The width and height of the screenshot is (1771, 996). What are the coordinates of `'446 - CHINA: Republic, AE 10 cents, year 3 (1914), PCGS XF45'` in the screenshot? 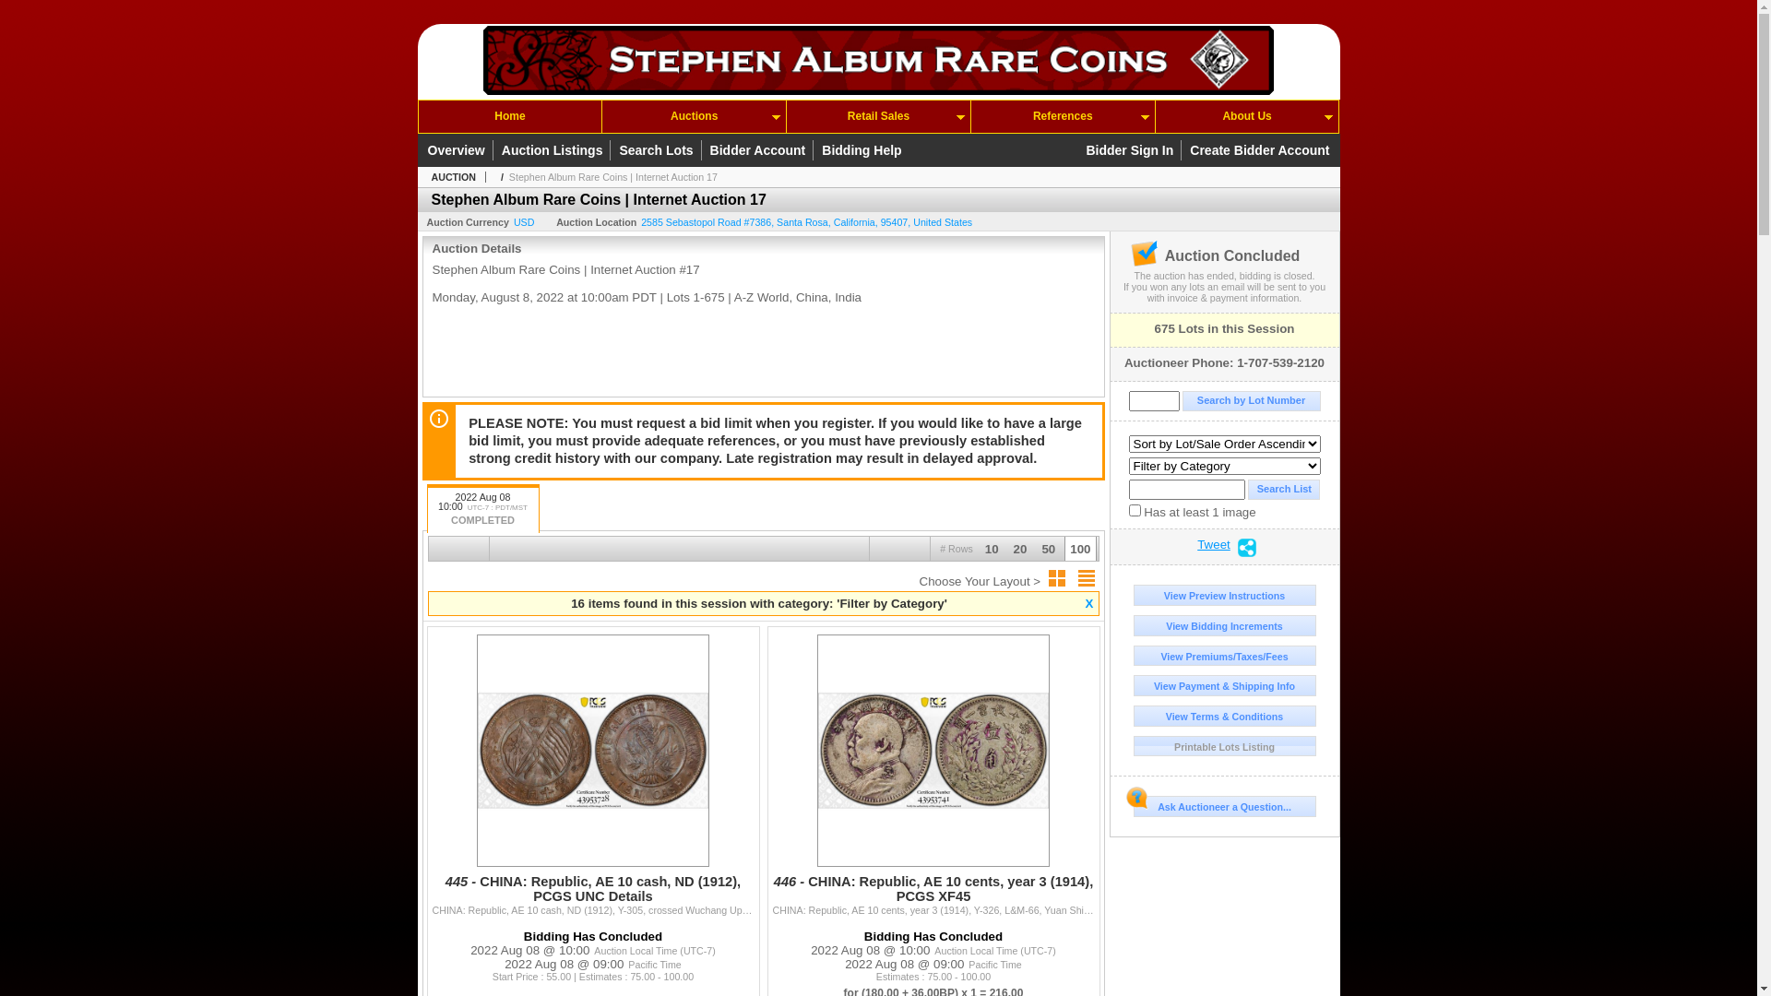 It's located at (933, 895).